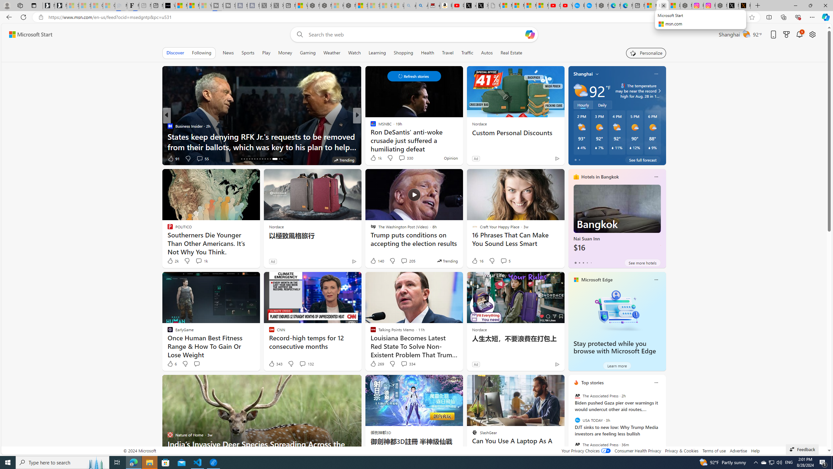  Describe the element at coordinates (248, 52) in the screenshot. I see `'Sports'` at that location.